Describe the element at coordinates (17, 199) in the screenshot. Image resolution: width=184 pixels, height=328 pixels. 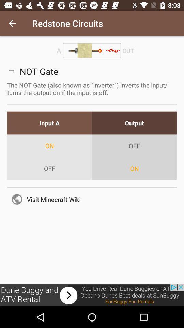
I see `the icon which is before visit minecraft wiki on page` at that location.